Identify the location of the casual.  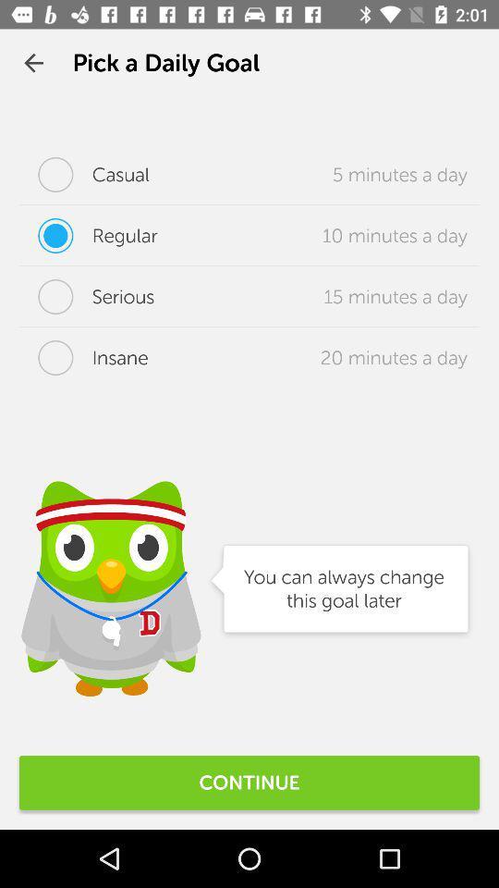
(83, 175).